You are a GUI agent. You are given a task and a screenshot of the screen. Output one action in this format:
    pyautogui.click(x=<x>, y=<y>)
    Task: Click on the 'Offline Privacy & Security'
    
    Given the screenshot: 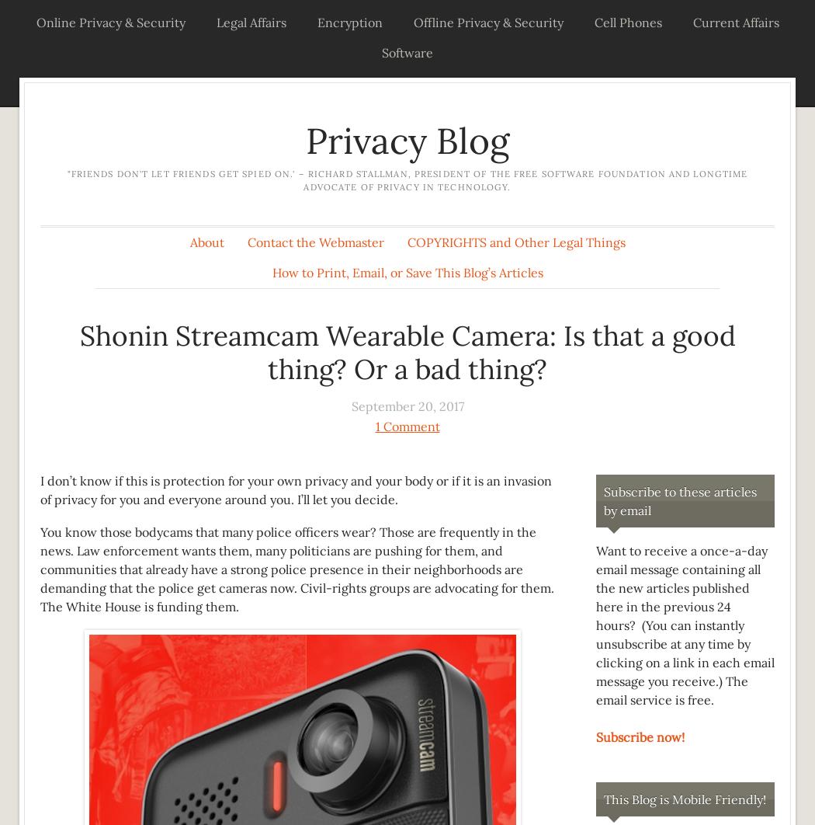 What is the action you would take?
    pyautogui.click(x=413, y=22)
    